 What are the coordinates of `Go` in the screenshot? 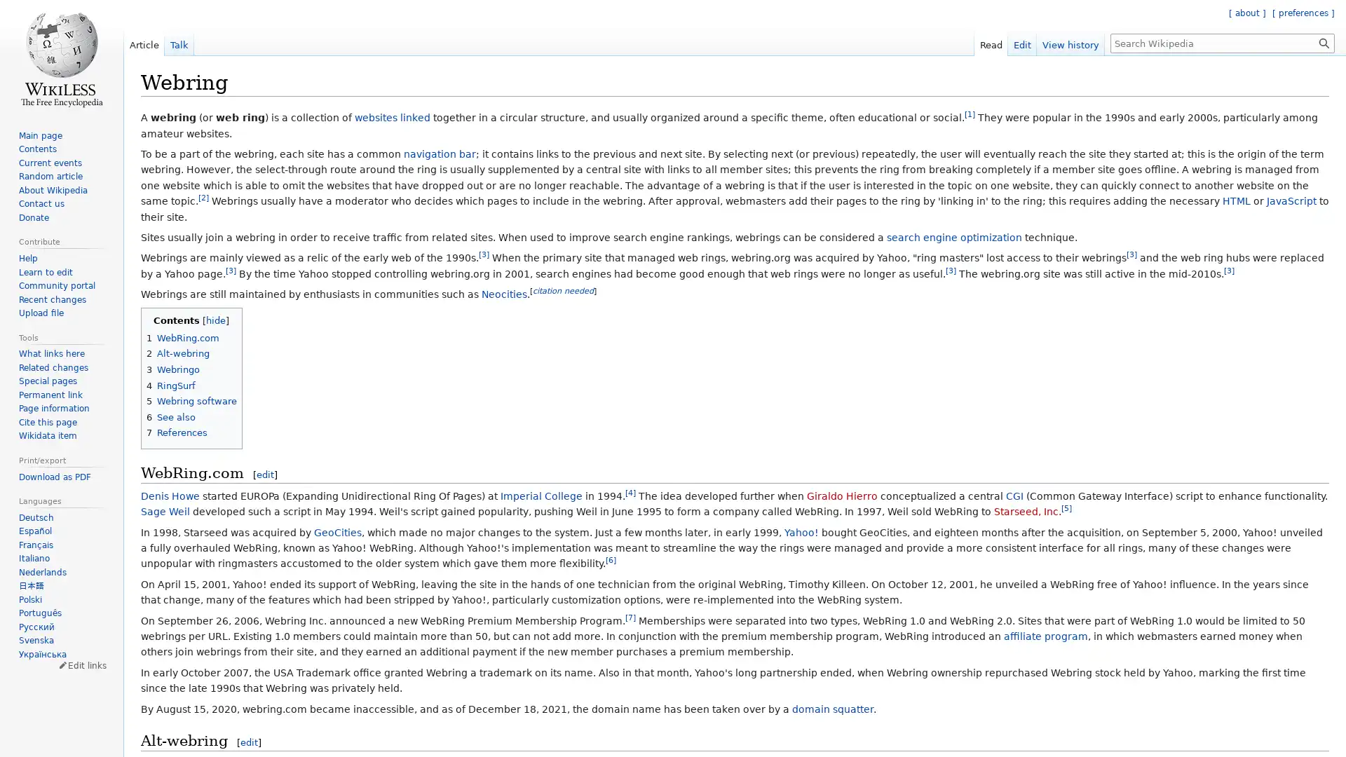 It's located at (1324, 42).